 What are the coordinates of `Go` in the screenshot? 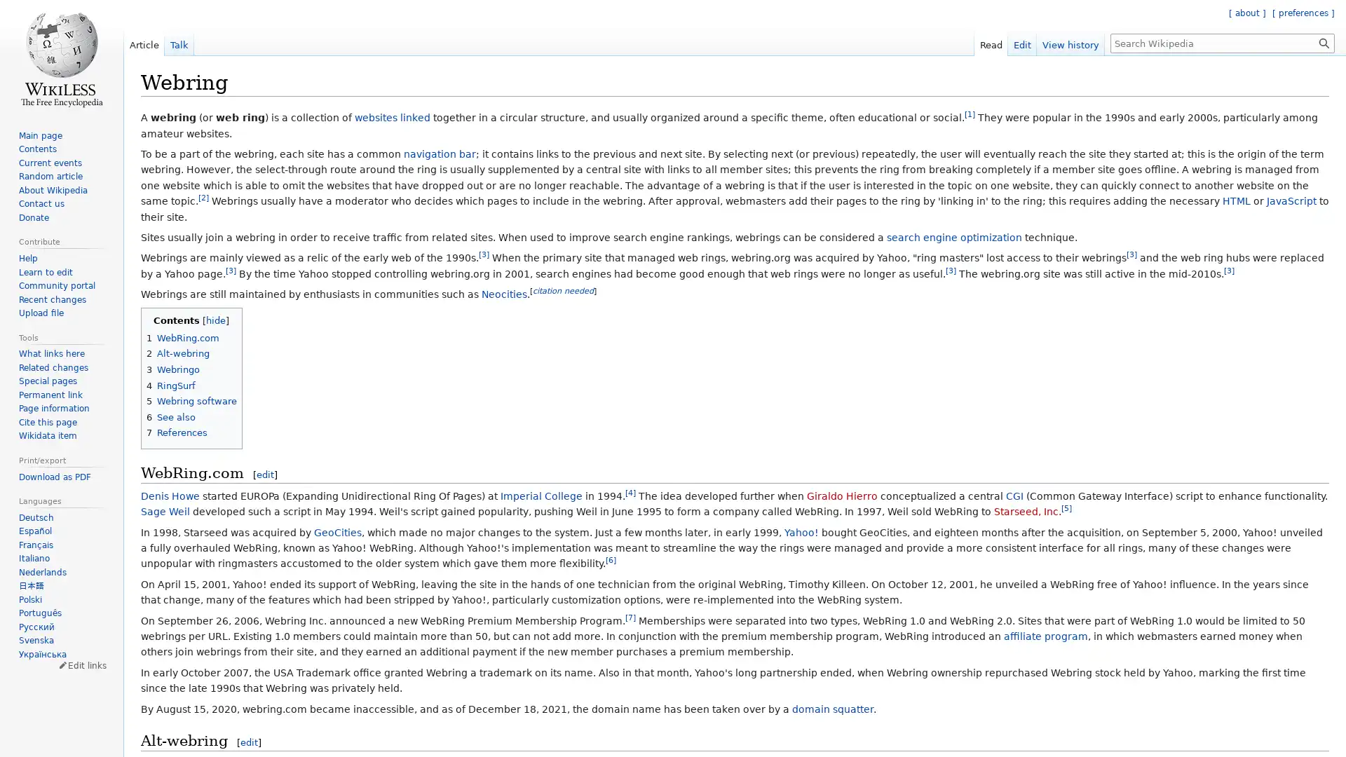 It's located at (1324, 42).